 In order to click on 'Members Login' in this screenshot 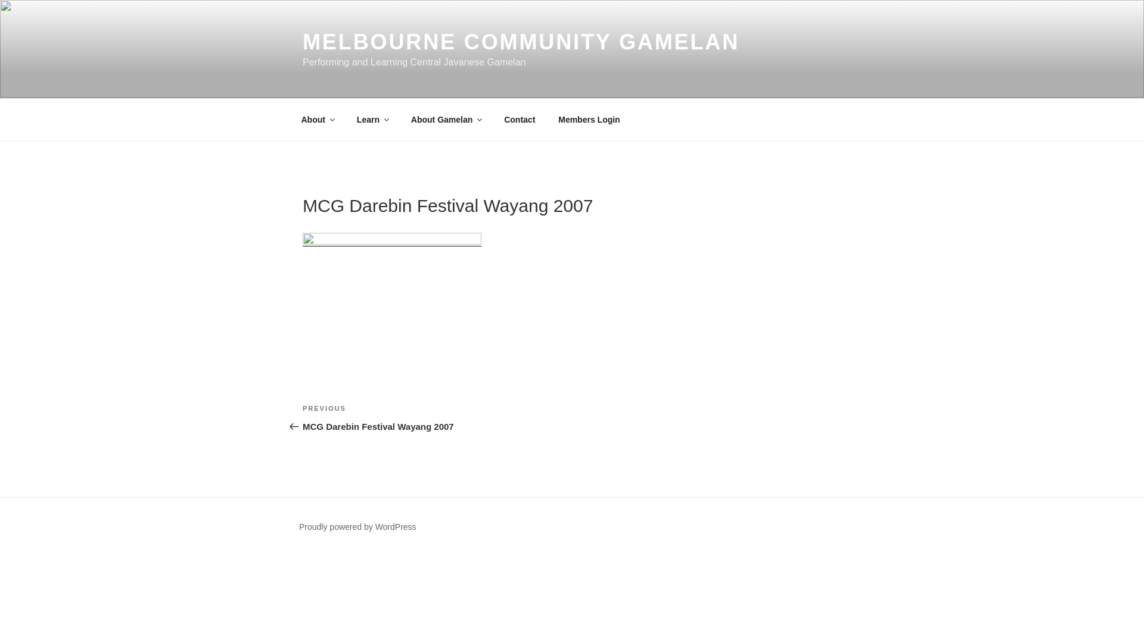, I will do `click(548, 119)`.